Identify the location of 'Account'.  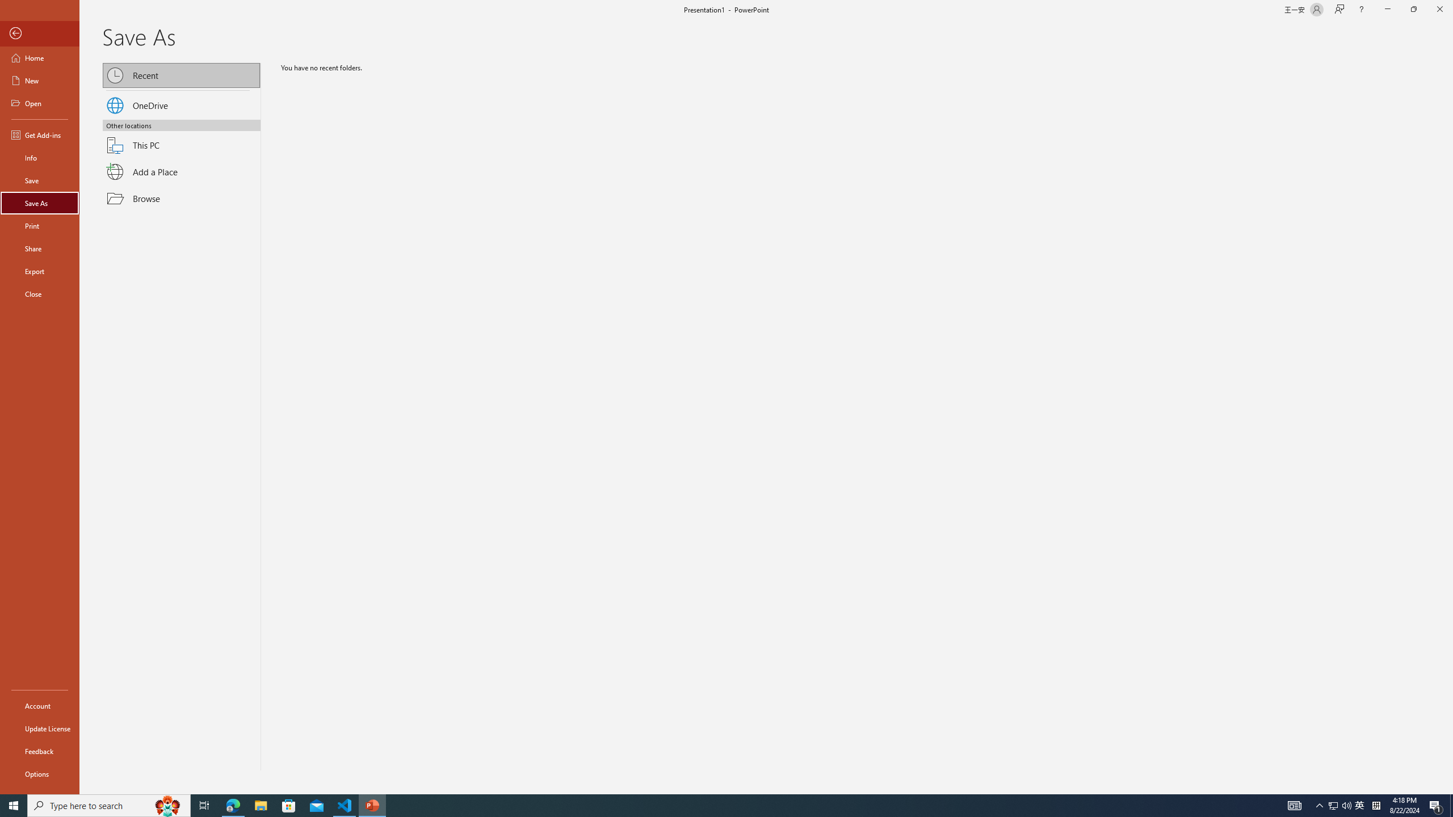
(39, 706).